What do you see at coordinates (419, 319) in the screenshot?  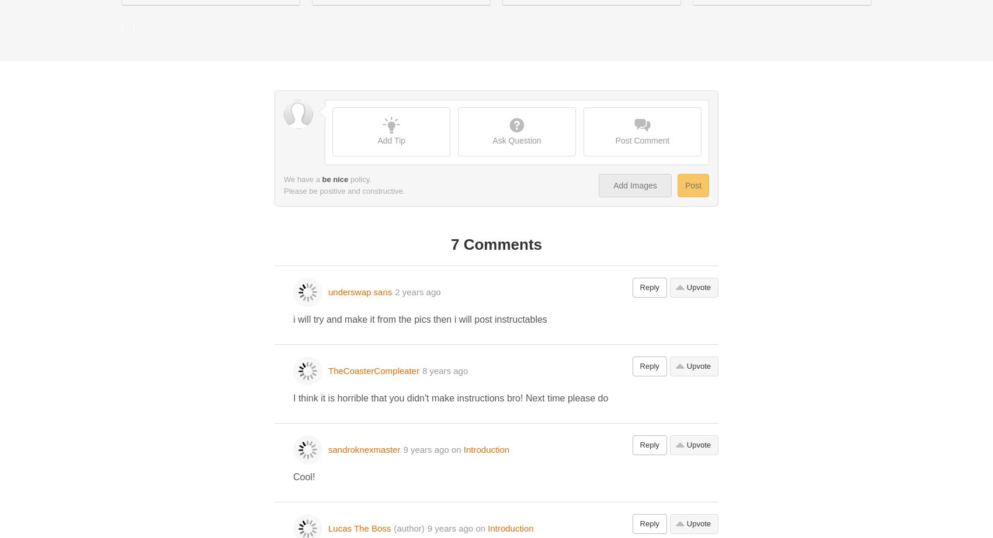 I see `'i will try and make it from the pics then i will post instructables'` at bounding box center [419, 319].